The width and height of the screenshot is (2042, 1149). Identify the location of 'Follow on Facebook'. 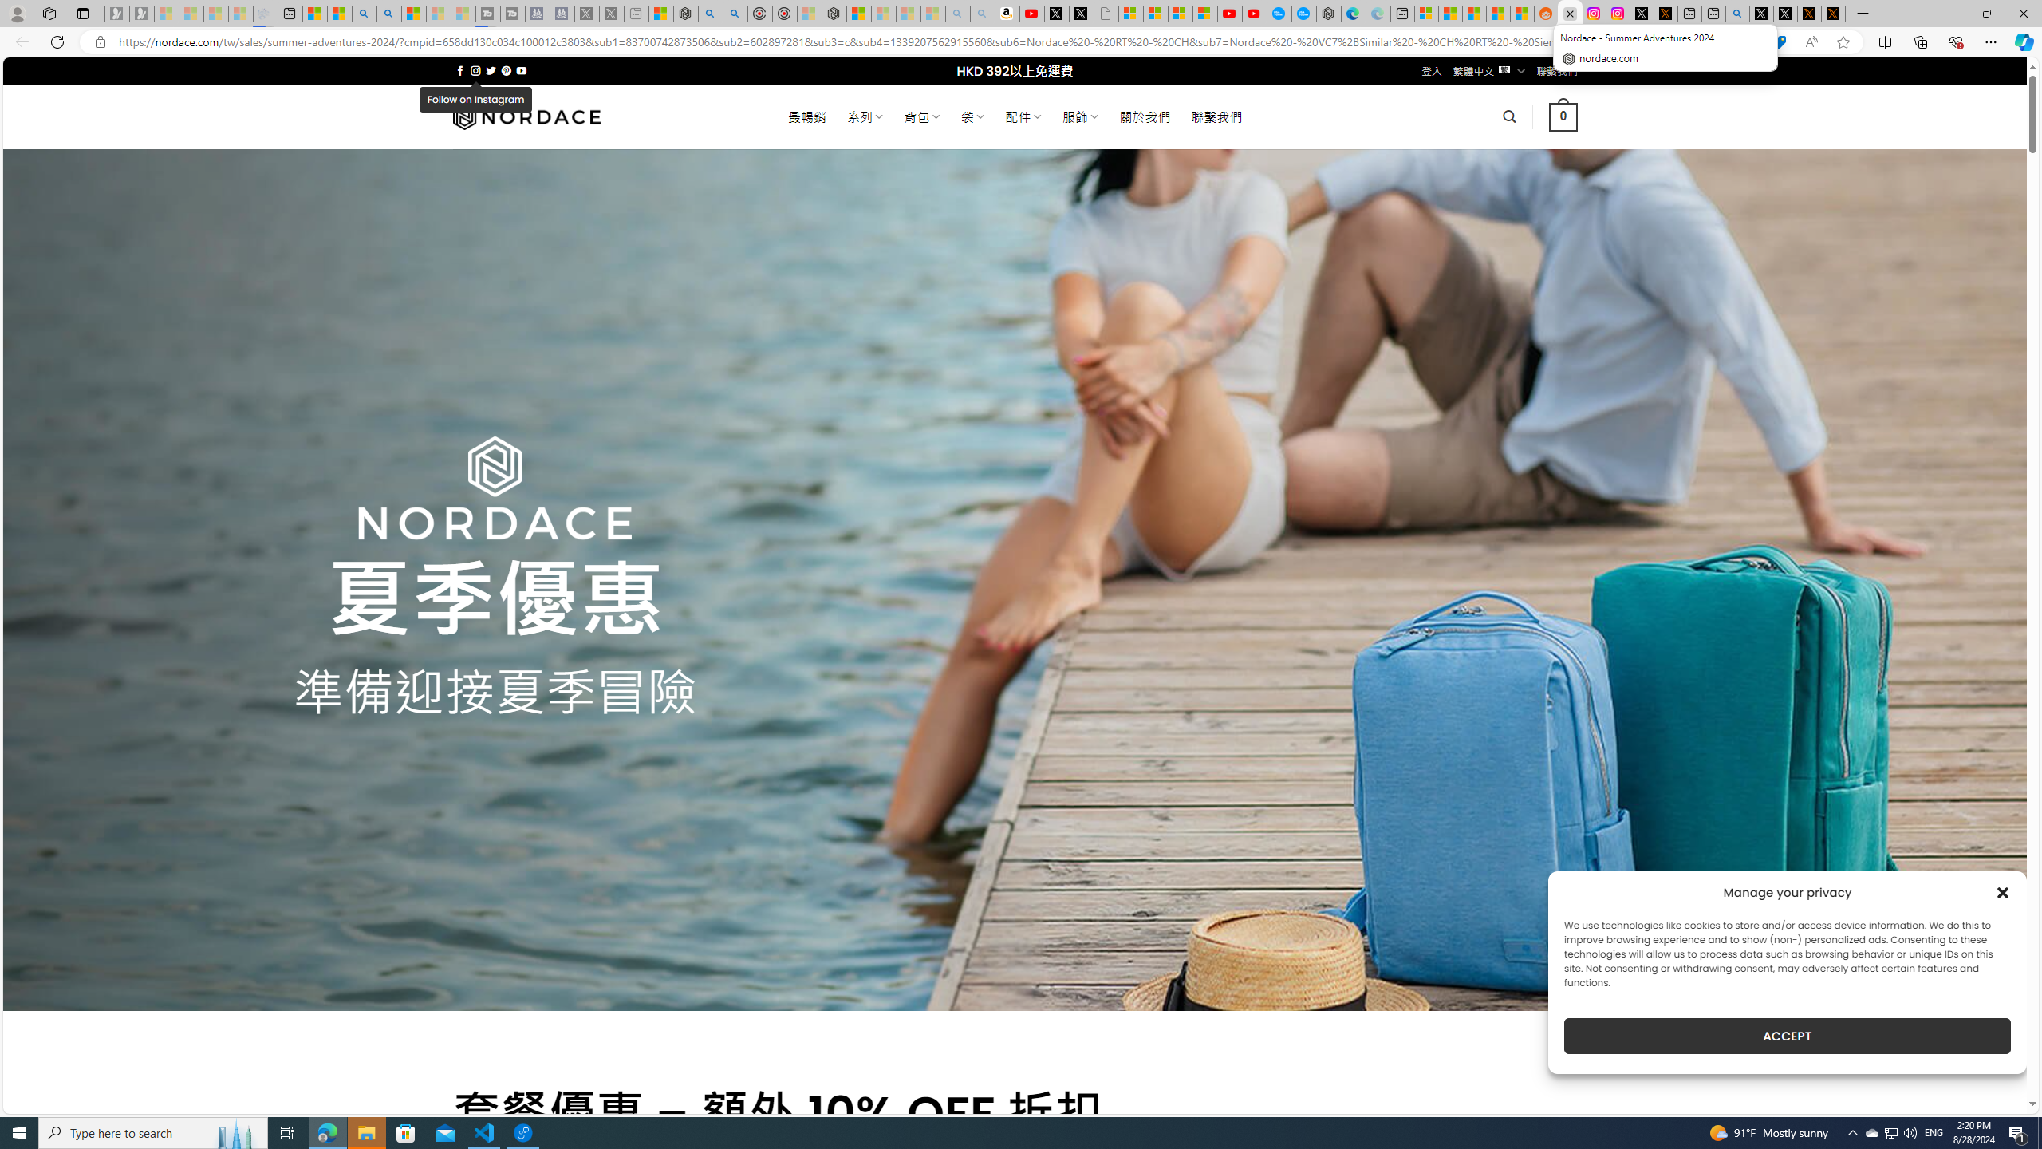
(459, 70).